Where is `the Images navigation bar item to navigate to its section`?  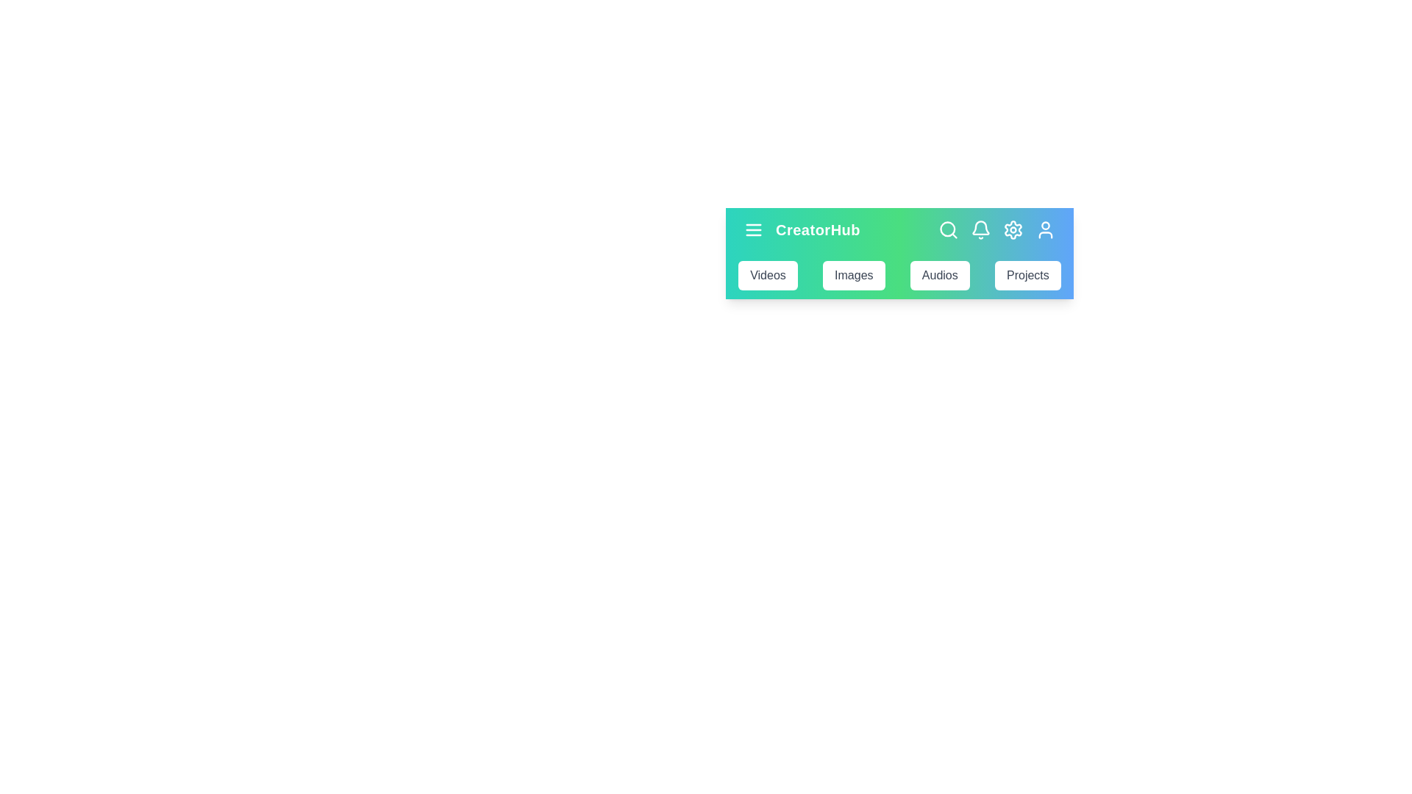 the Images navigation bar item to navigate to its section is located at coordinates (854, 275).